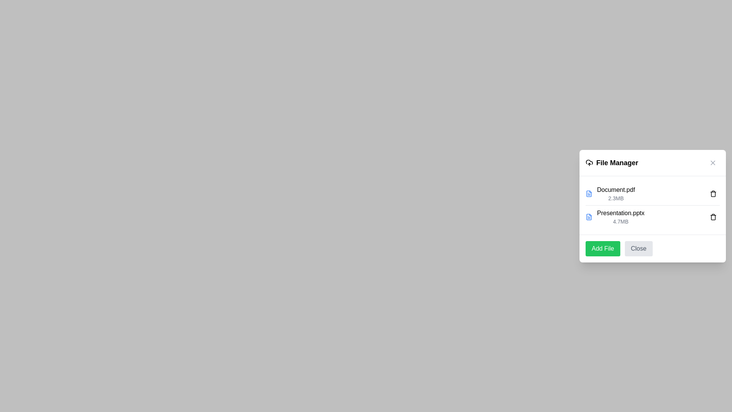 This screenshot has height=412, width=732. What do you see at coordinates (713, 193) in the screenshot?
I see `the delete icon button located at the far right end of the file item row in the file manager modal` at bounding box center [713, 193].